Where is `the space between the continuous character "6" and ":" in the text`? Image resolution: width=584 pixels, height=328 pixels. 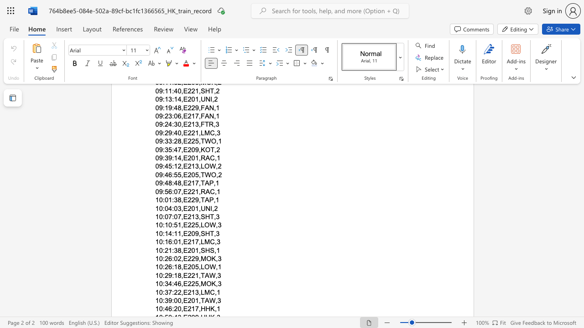
the space between the continuous character "6" and ":" in the text is located at coordinates (172, 241).